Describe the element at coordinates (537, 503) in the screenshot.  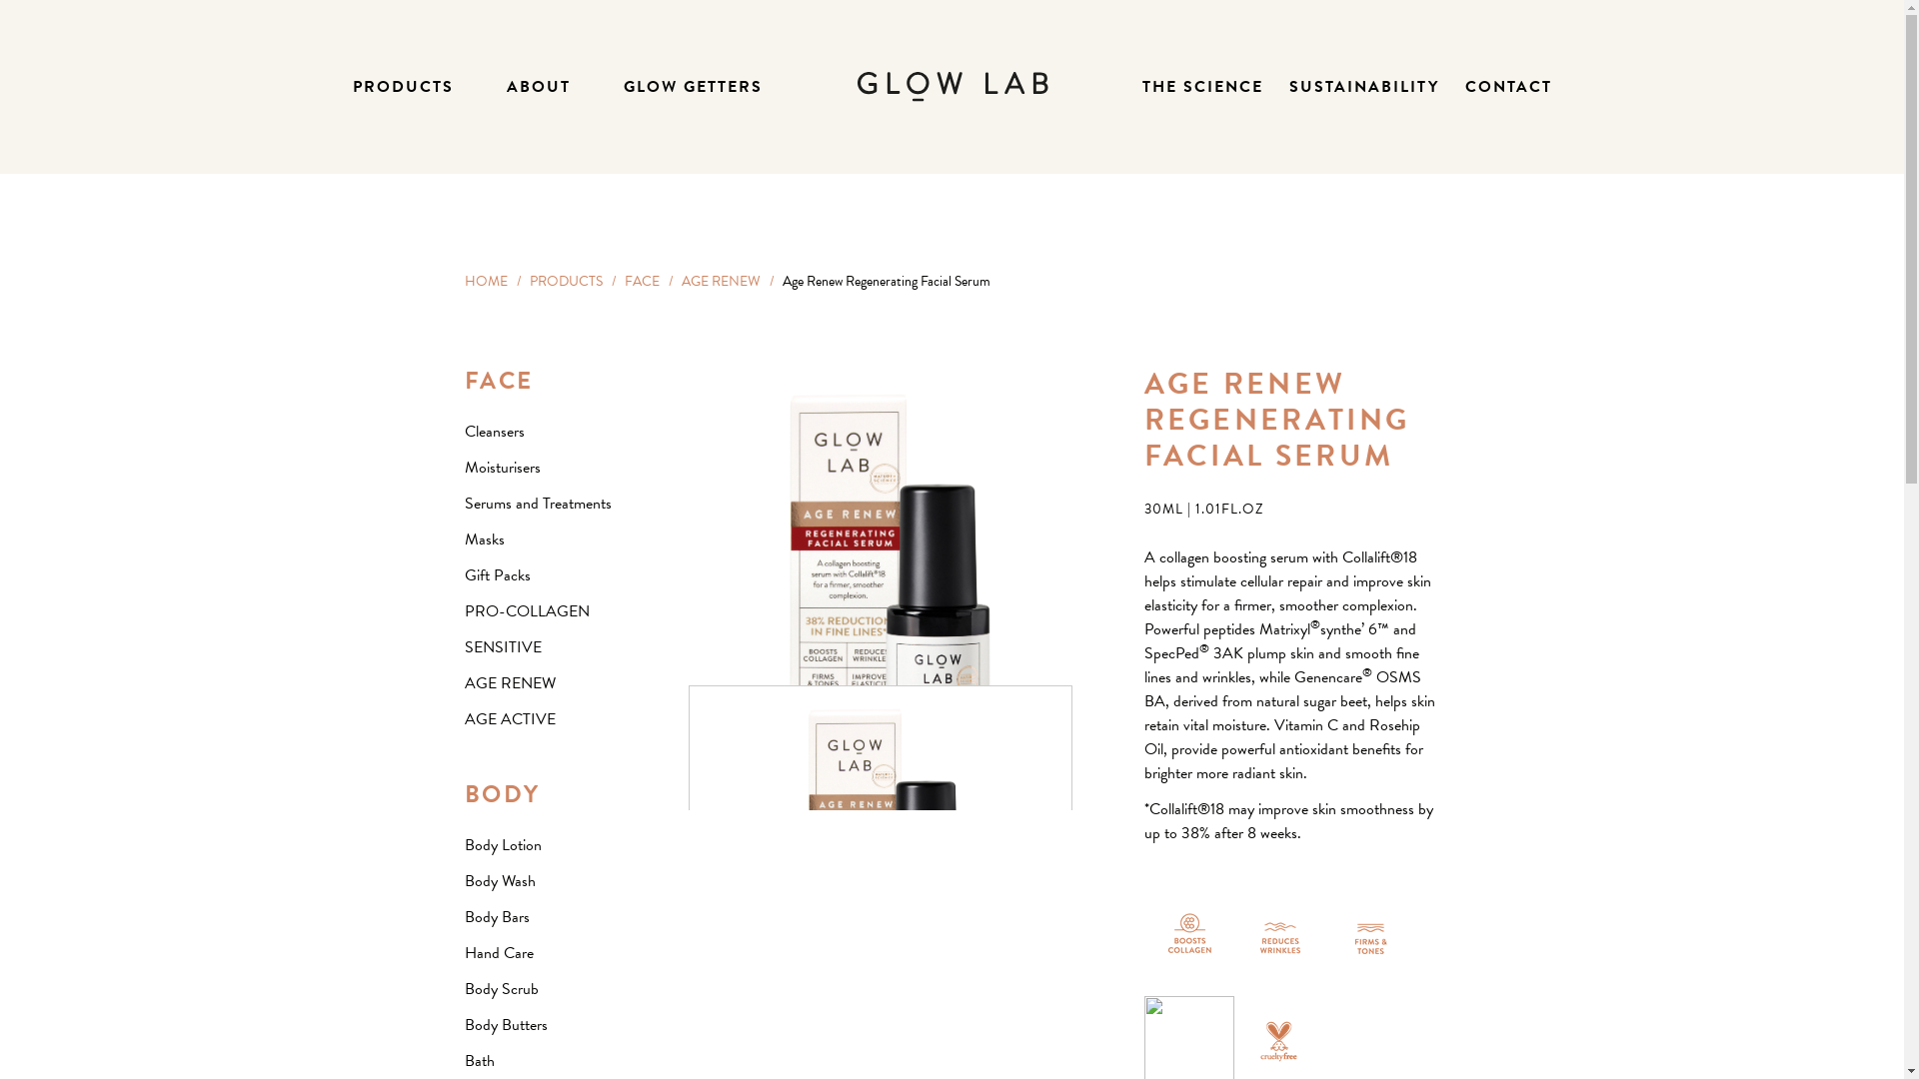
I see `'Serums and Treatments'` at that location.